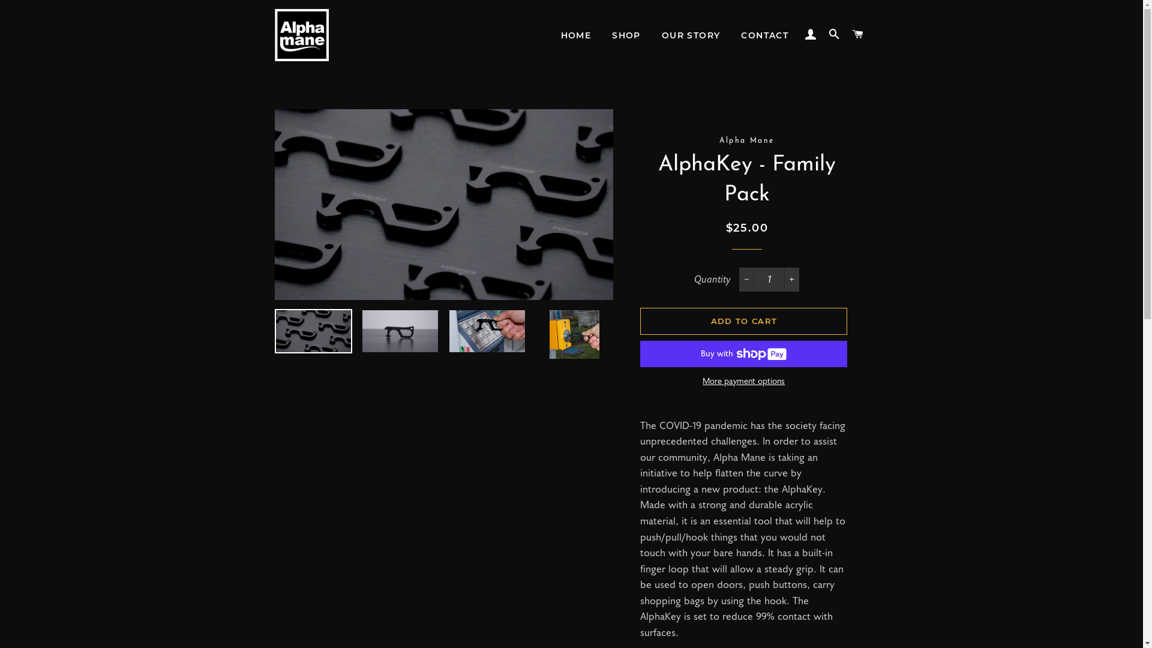 This screenshot has width=1152, height=648. Describe the element at coordinates (691, 35) in the screenshot. I see `'OUR STORY'` at that location.